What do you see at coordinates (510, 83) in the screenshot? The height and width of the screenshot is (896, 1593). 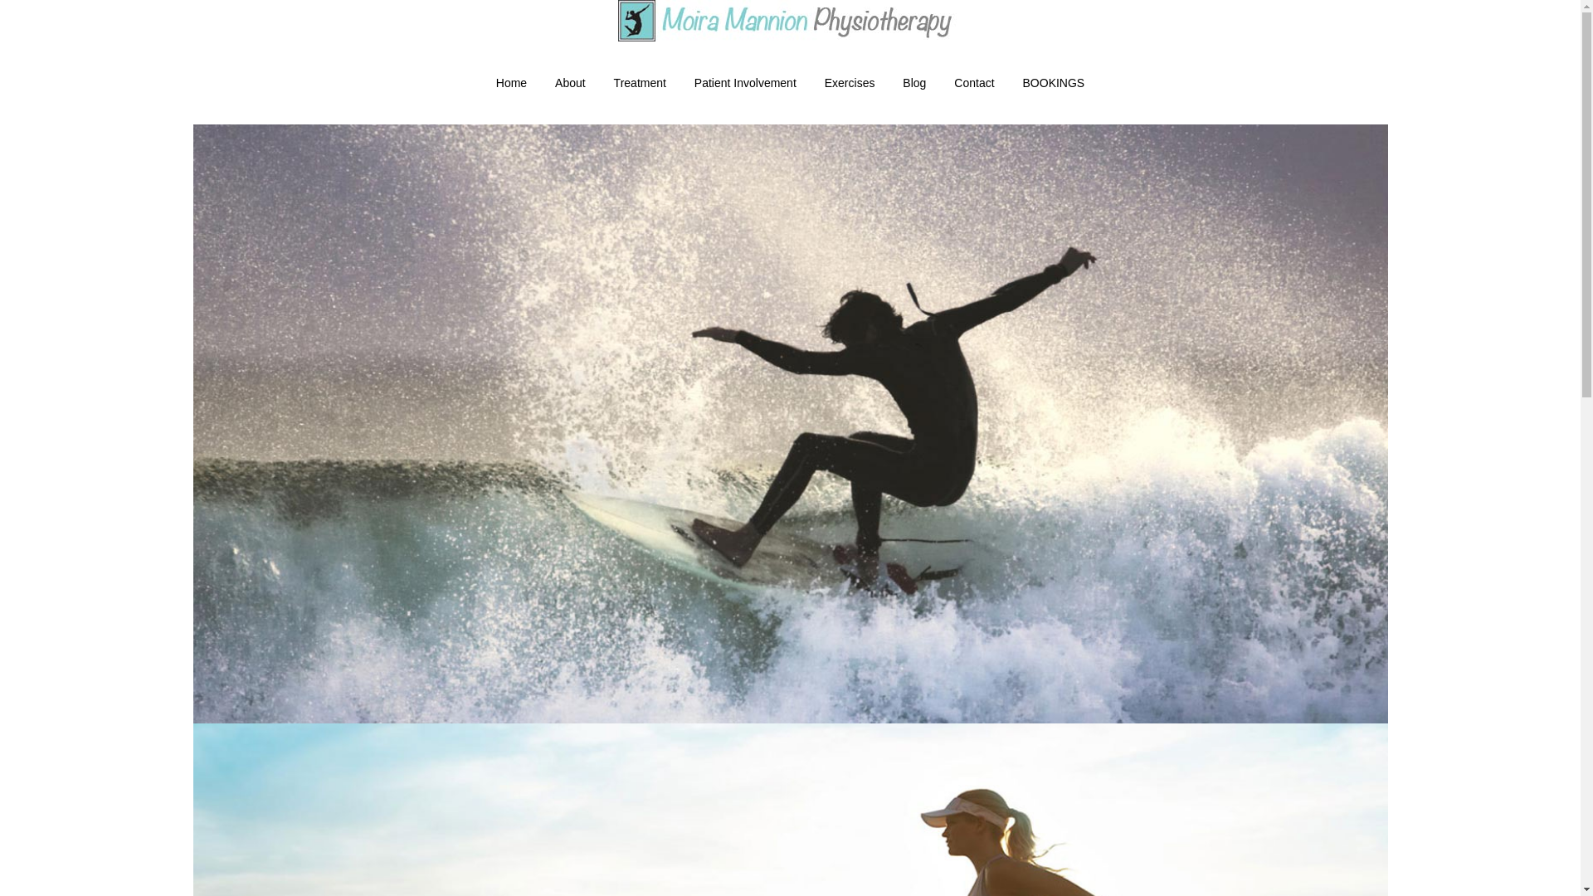 I see `'Home'` at bounding box center [510, 83].